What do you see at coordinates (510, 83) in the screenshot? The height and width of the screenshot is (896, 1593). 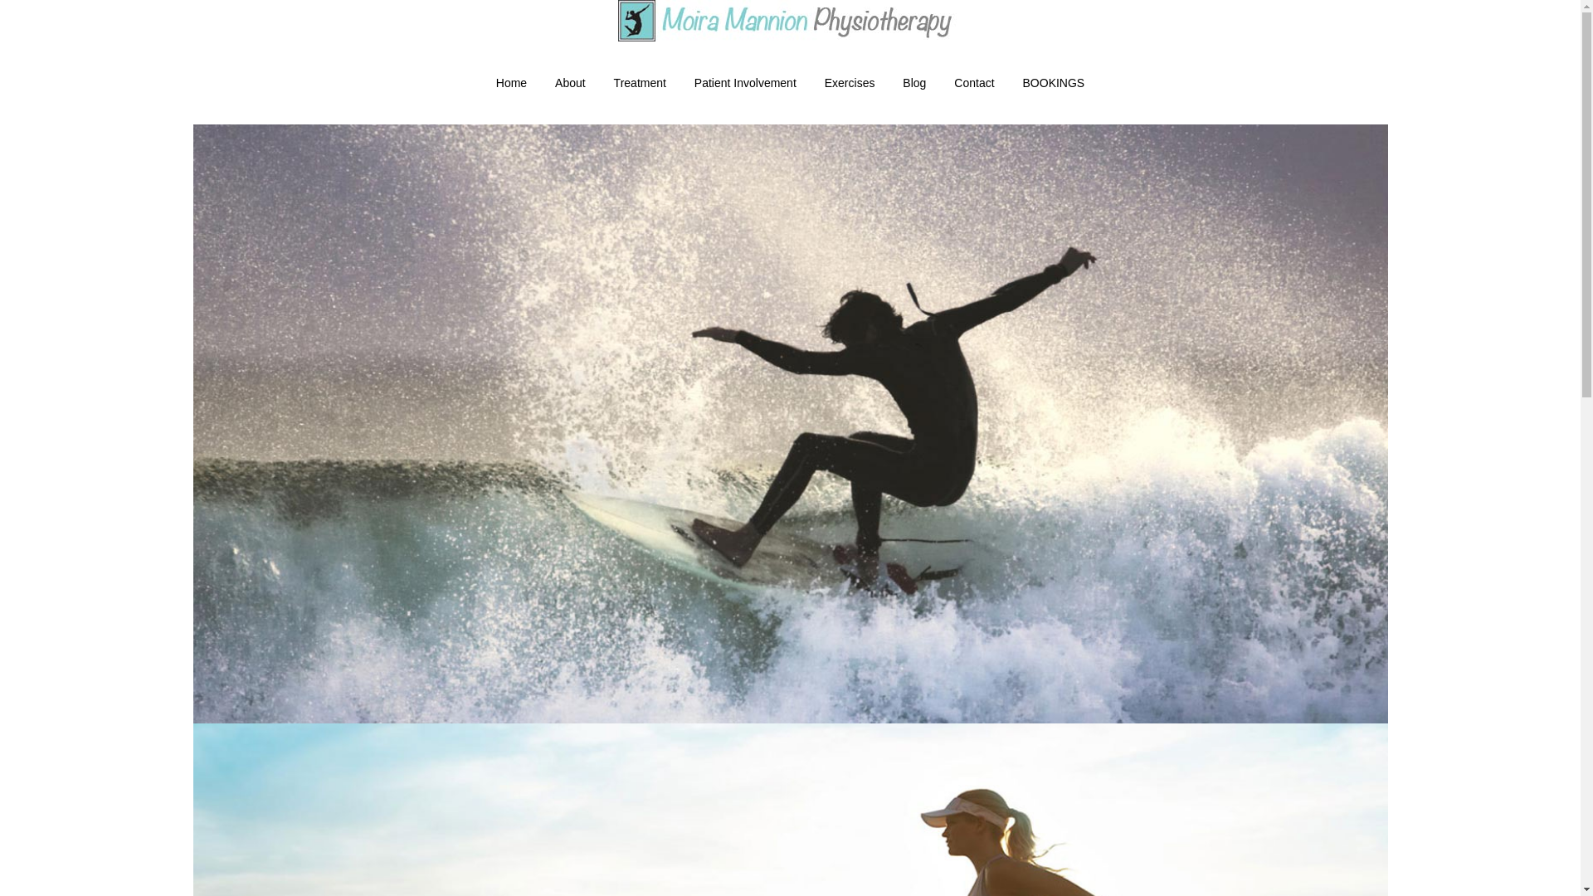 I see `'Home'` at bounding box center [510, 83].